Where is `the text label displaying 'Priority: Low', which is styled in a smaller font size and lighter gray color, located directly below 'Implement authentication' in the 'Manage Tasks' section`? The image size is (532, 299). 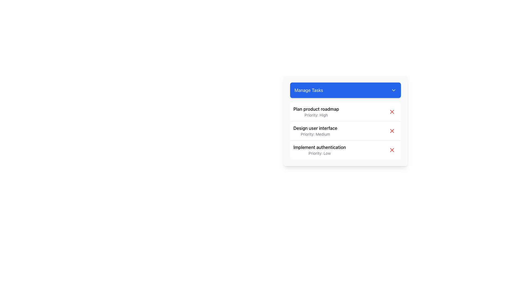
the text label displaying 'Priority: Low', which is styled in a smaller font size and lighter gray color, located directly below 'Implement authentication' in the 'Manage Tasks' section is located at coordinates (319, 153).